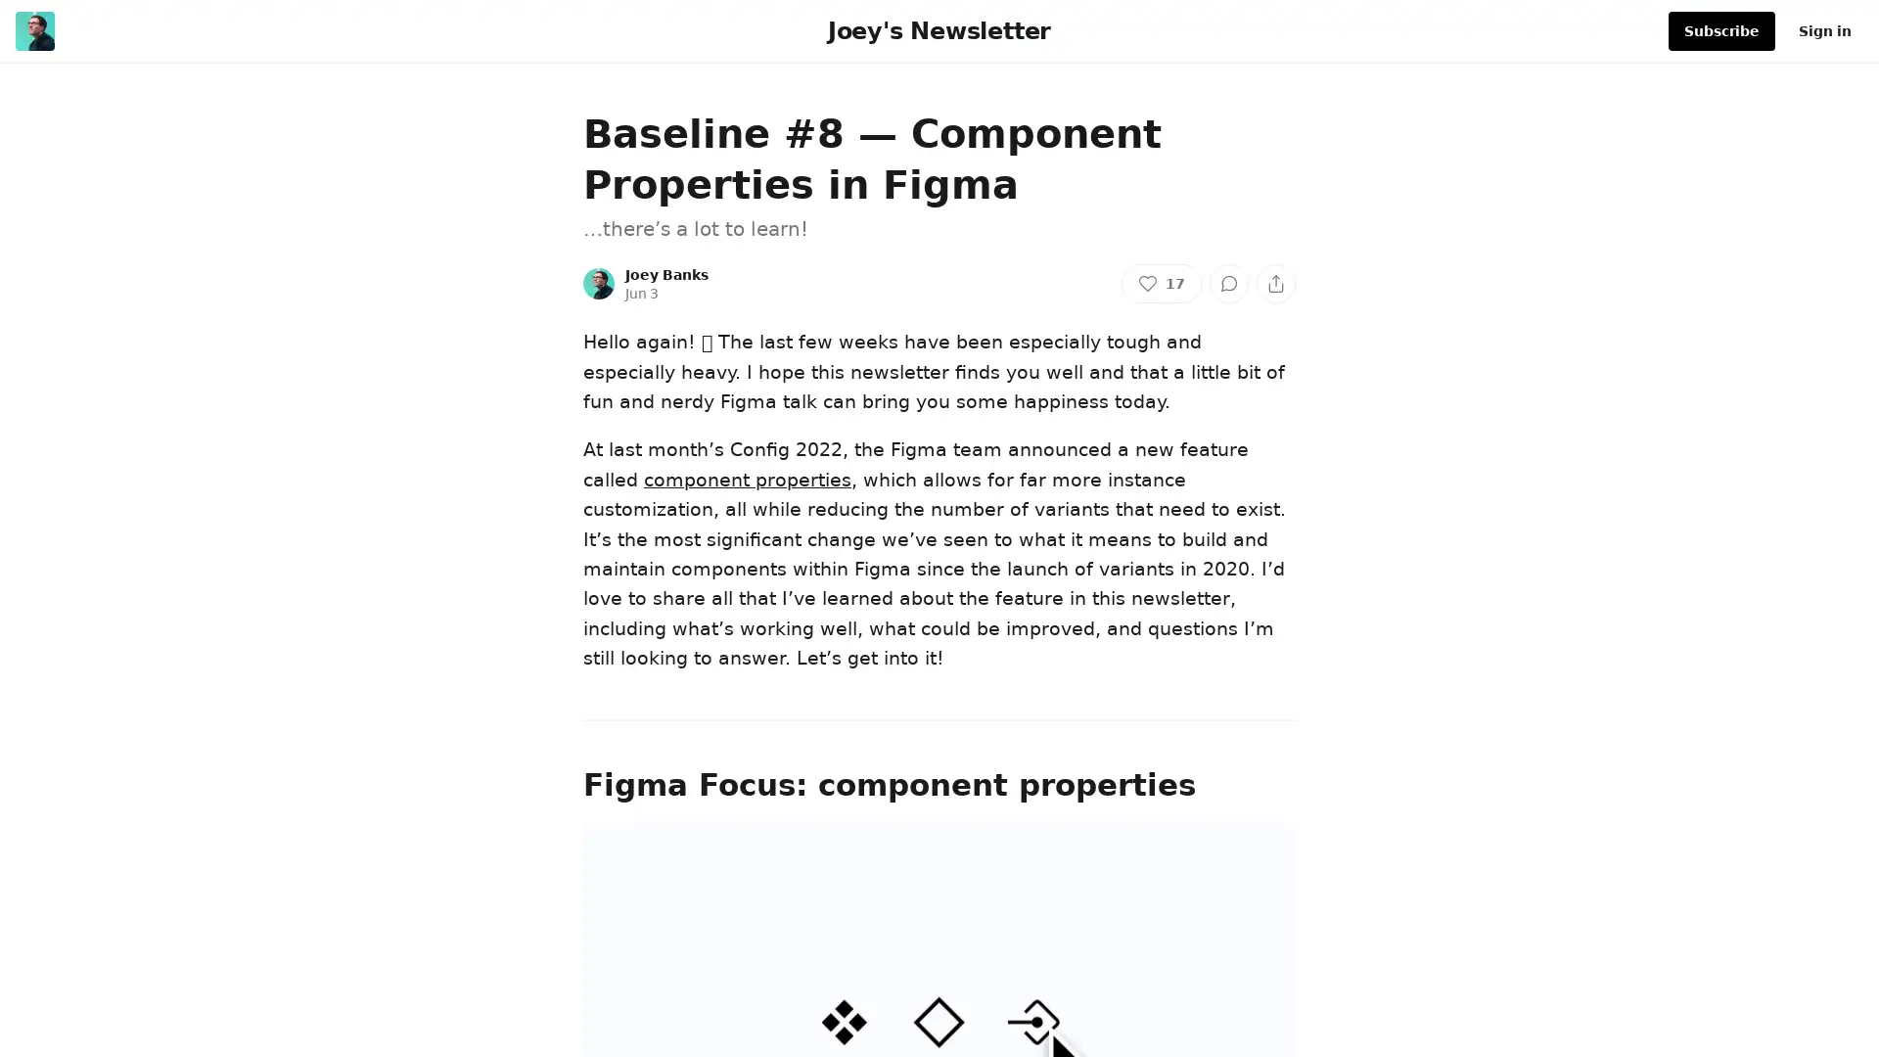 Image resolution: width=1879 pixels, height=1057 pixels. What do you see at coordinates (1824, 30) in the screenshot?
I see `Sign in` at bounding box center [1824, 30].